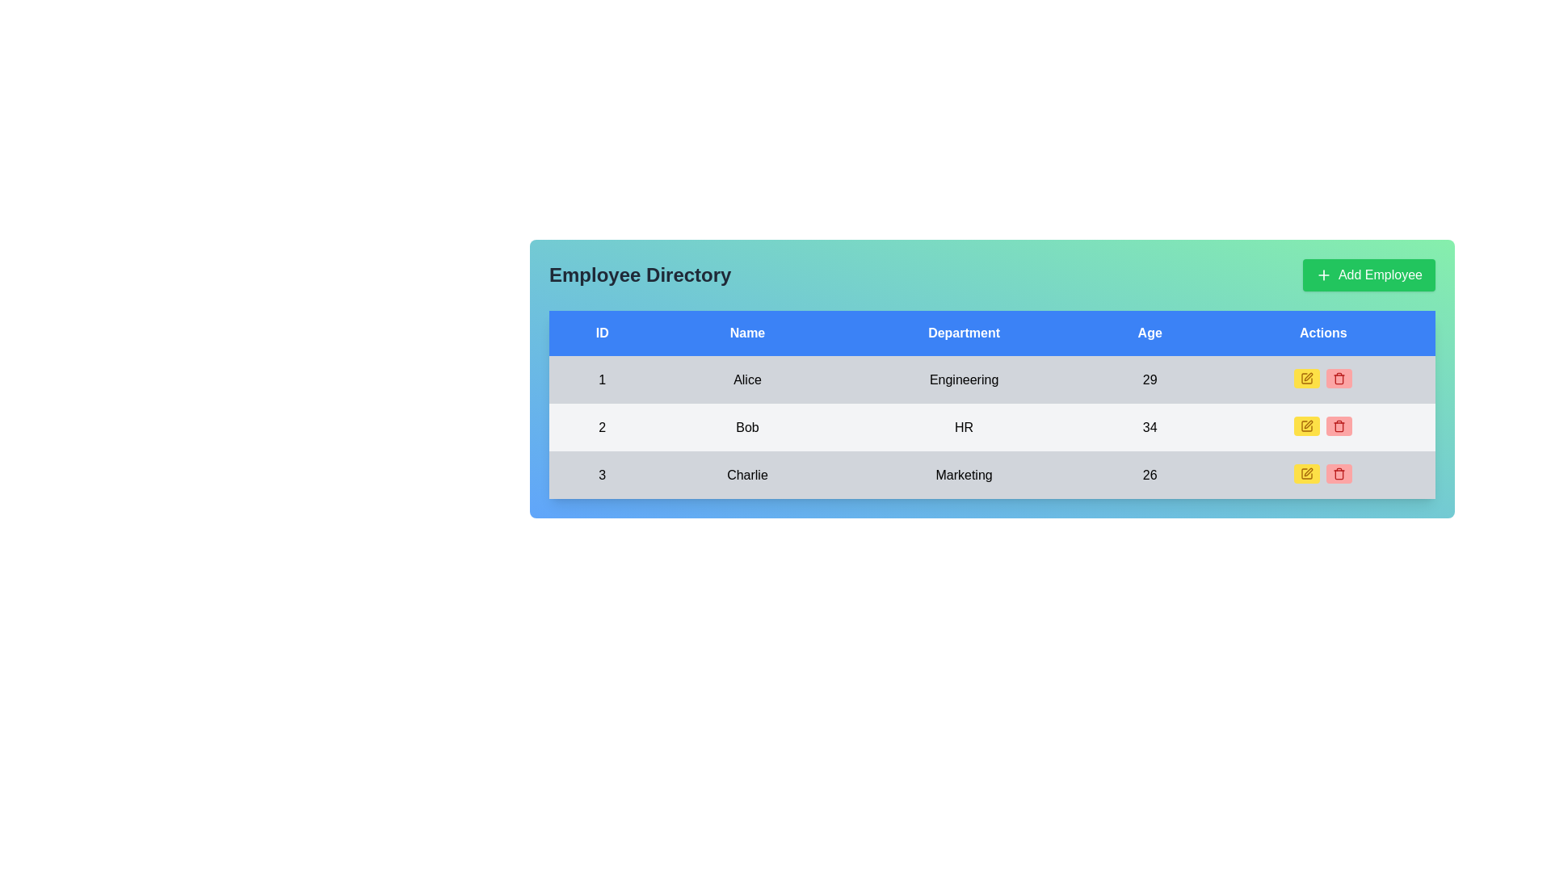 This screenshot has width=1551, height=872. I want to click on the square-shaped icon with rounded corners that represents a pen or writing tool, located in the 'Actions' column of the second row of the table, so click(1307, 426).